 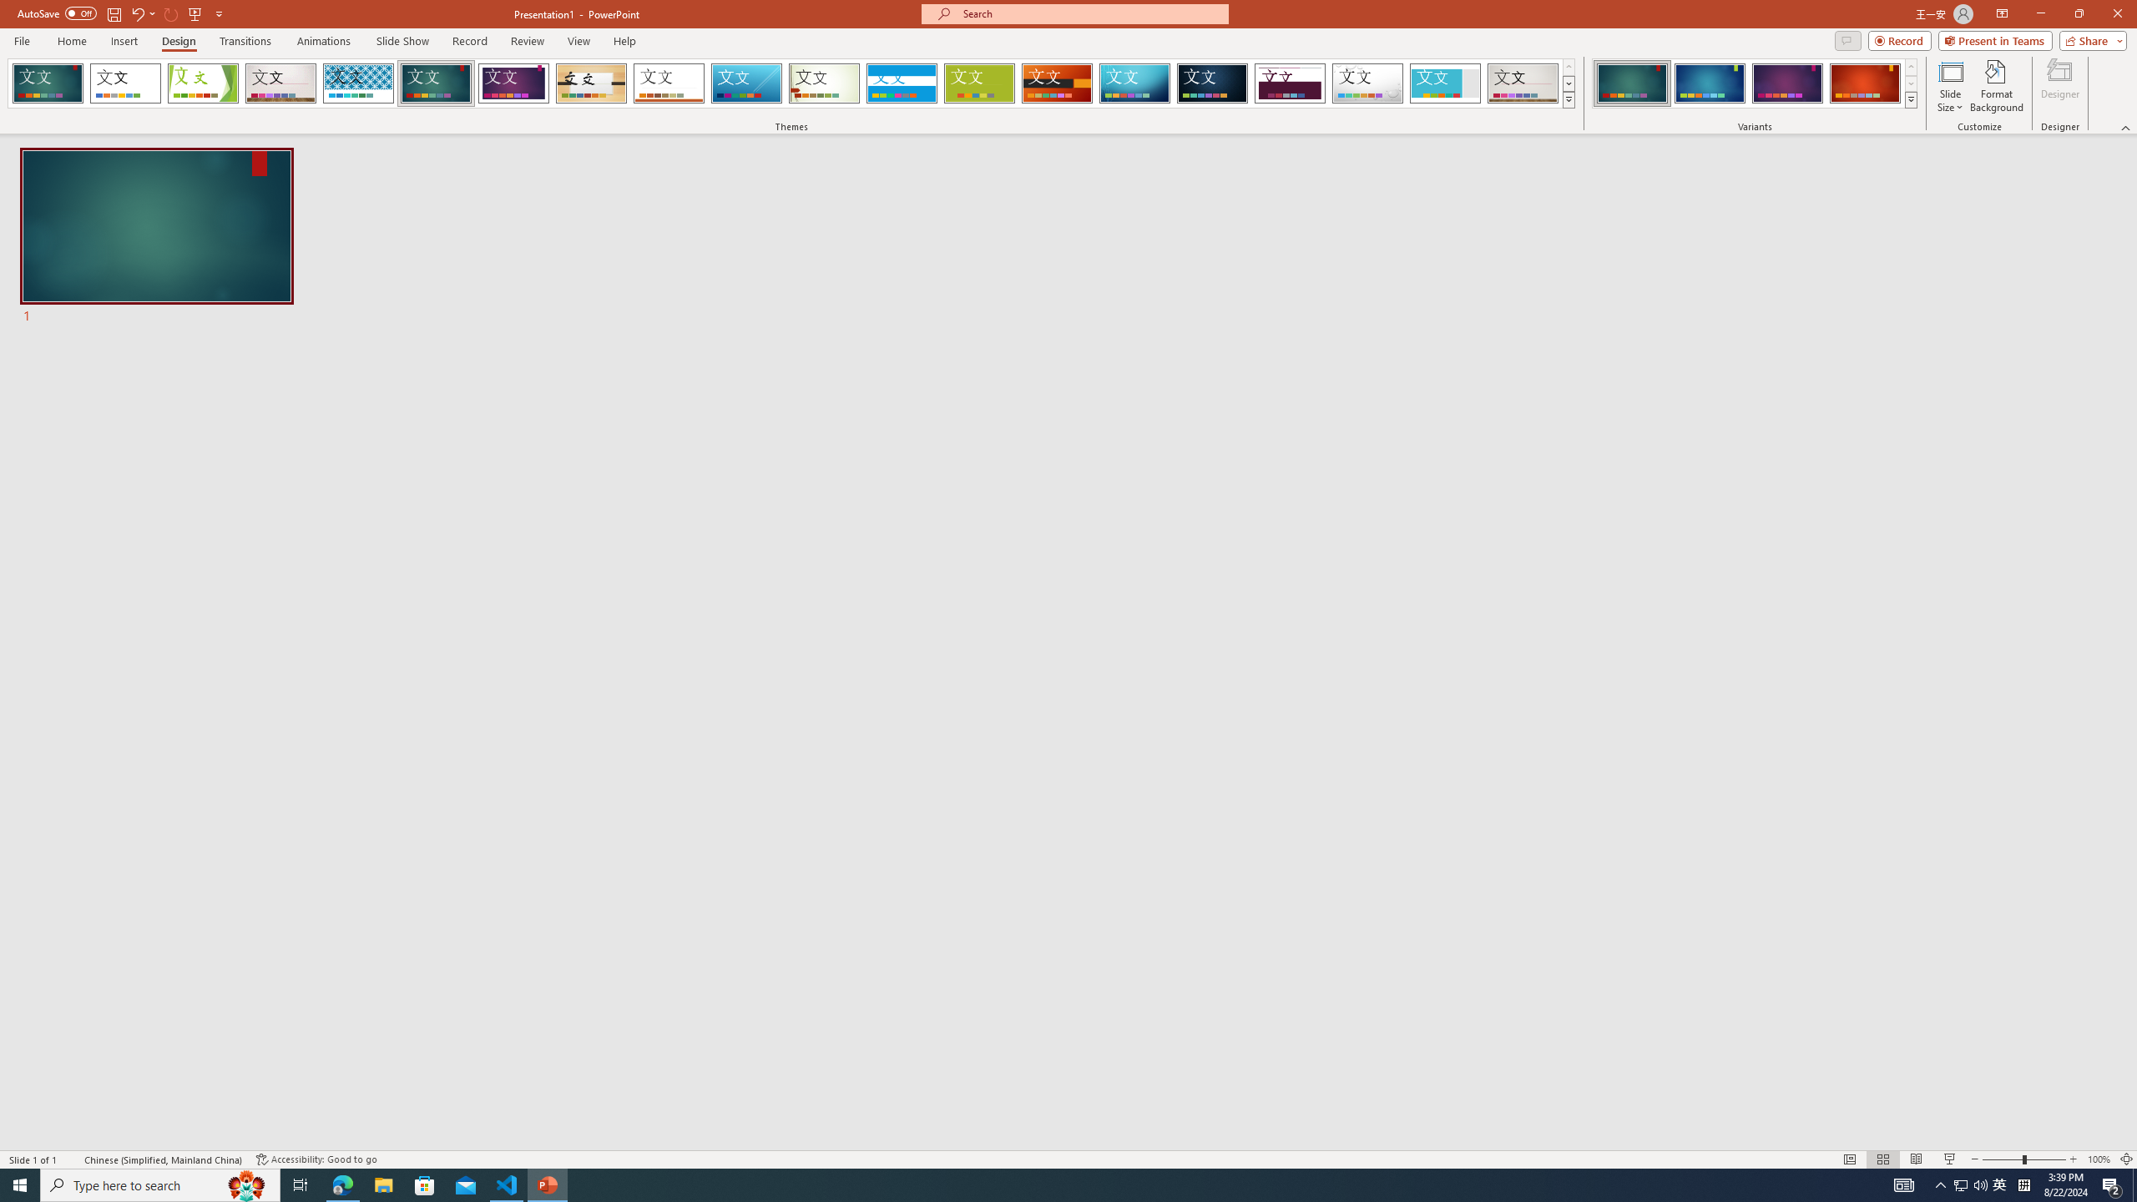 I want to click on 'Zoom 100%', so click(x=2099, y=1159).